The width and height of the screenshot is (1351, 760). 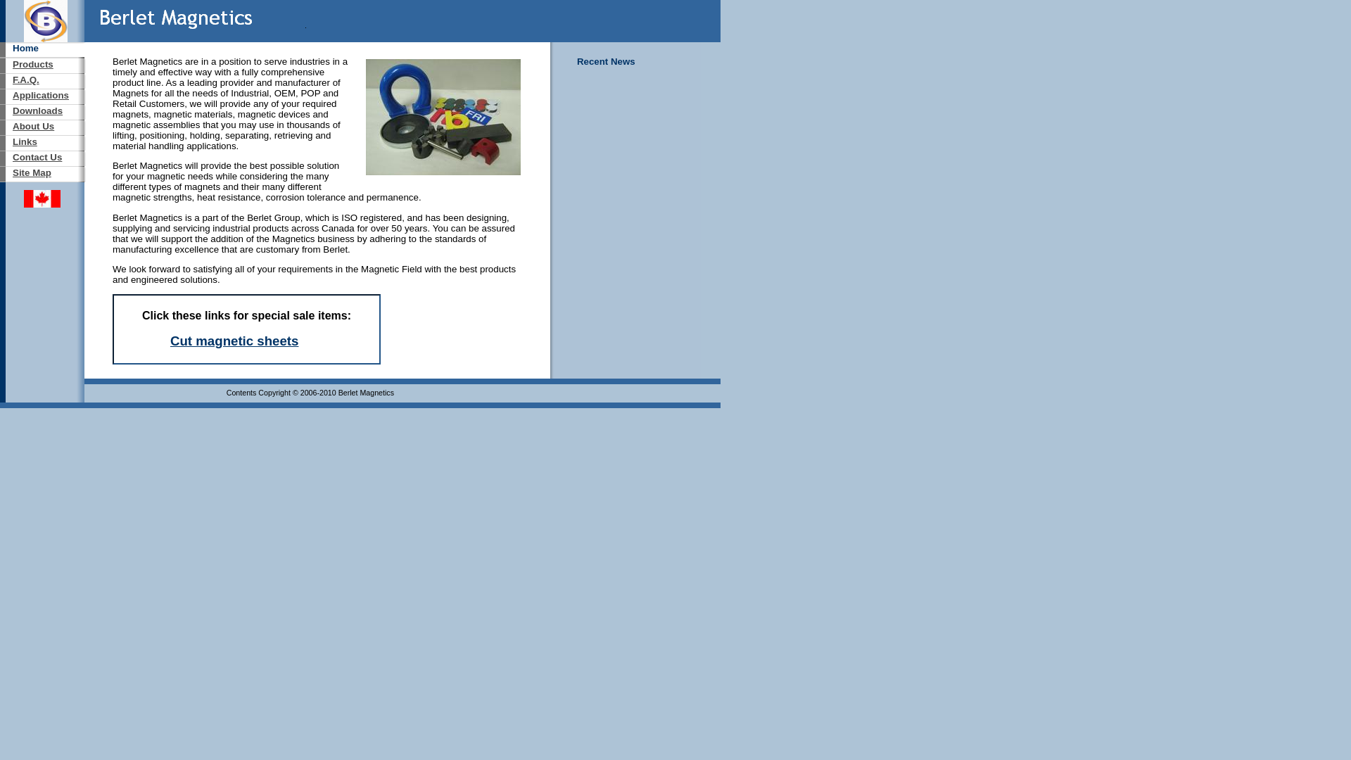 I want to click on 'Site Map', so click(x=32, y=172).